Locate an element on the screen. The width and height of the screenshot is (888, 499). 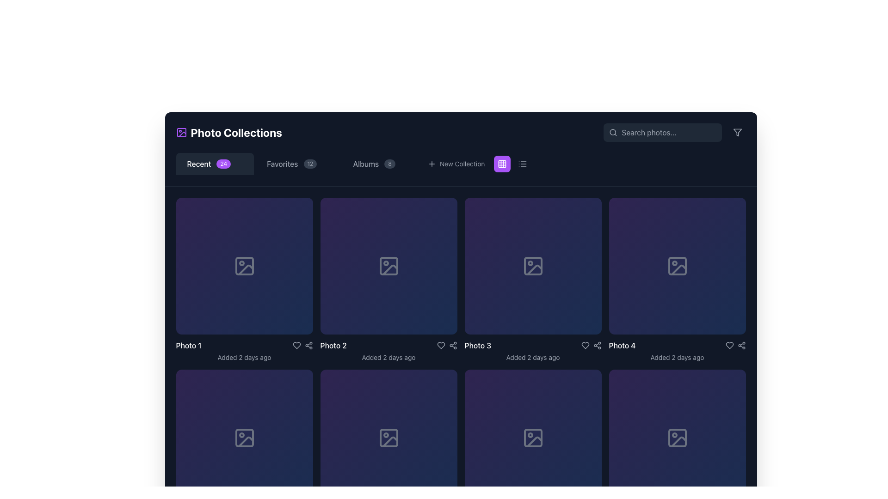
the download icon SVG, which is a small graphic with a downward arrow indicating a download operation, located towards the center-right of the fourth item in the grid layout is located at coordinates (677, 266).